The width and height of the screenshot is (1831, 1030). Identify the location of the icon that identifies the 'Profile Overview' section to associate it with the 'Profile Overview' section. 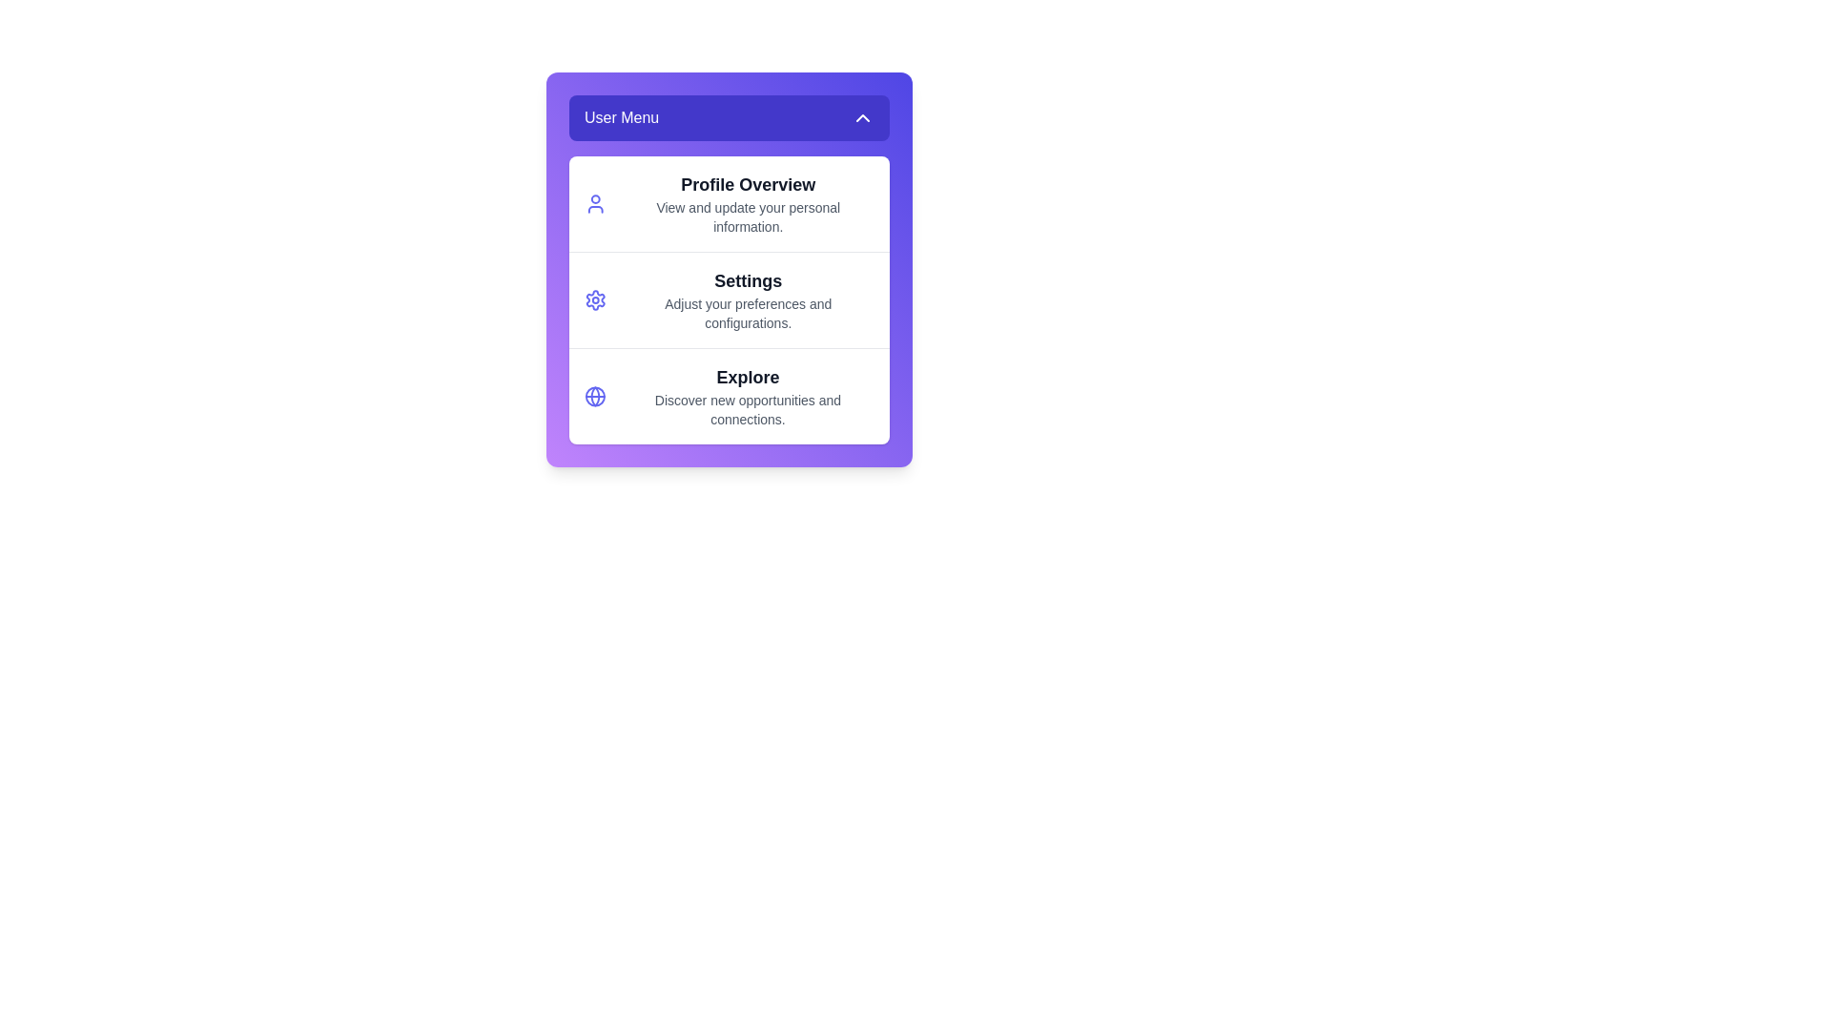
(594, 203).